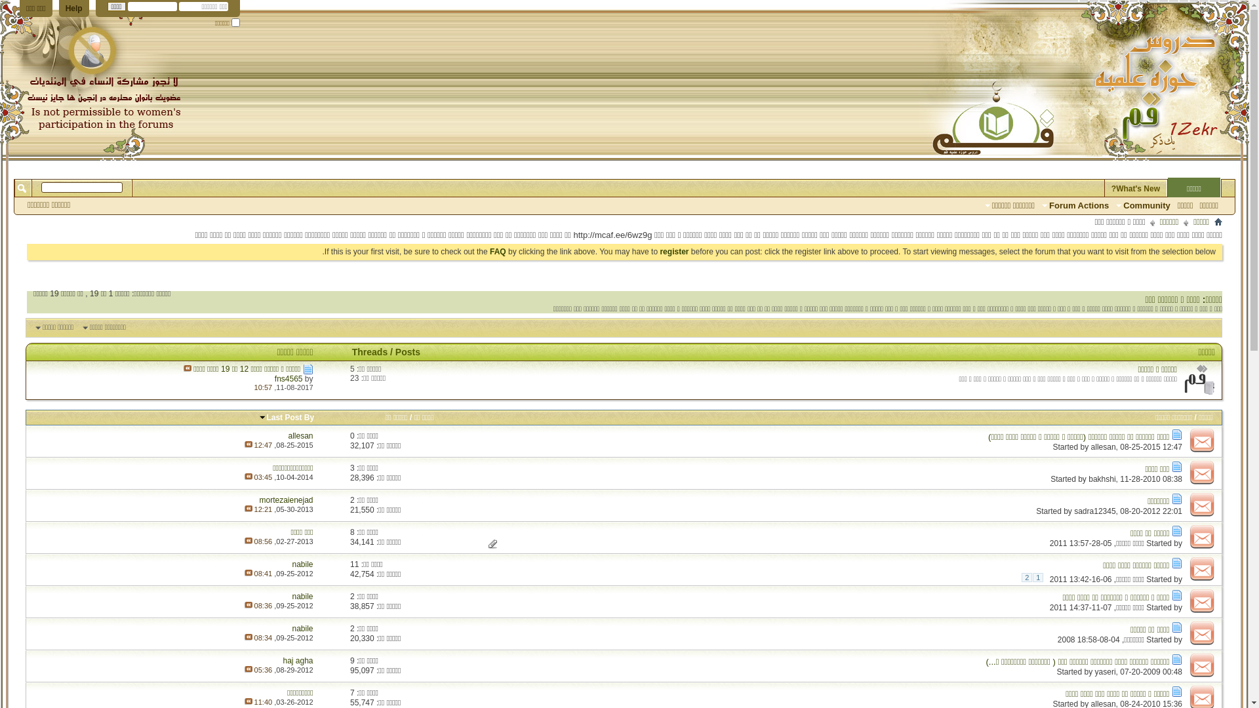 This screenshot has height=708, width=1259. What do you see at coordinates (1075, 205) in the screenshot?
I see `'Forum Actions'` at bounding box center [1075, 205].